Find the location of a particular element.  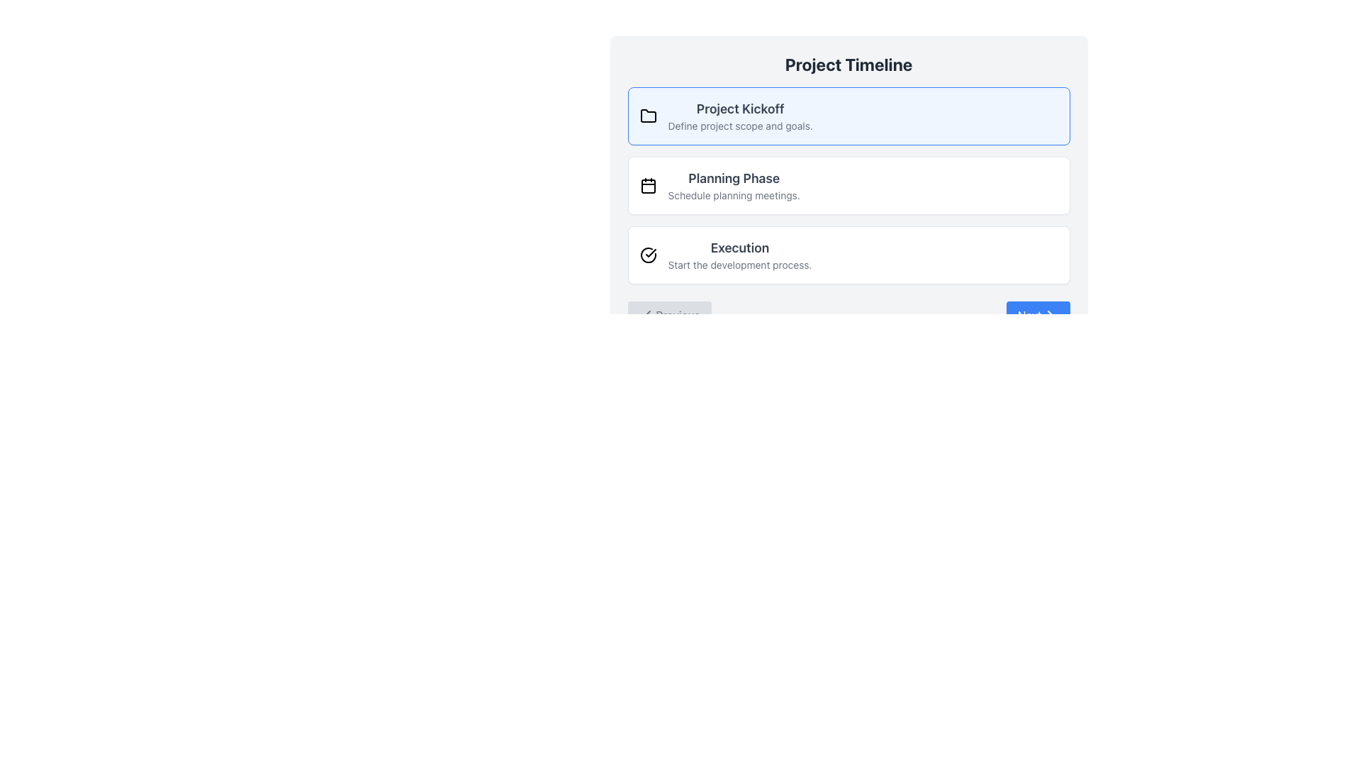

the blue 'Next' button that contains the right-pointing chevron icon to proceed is located at coordinates (1050, 314).